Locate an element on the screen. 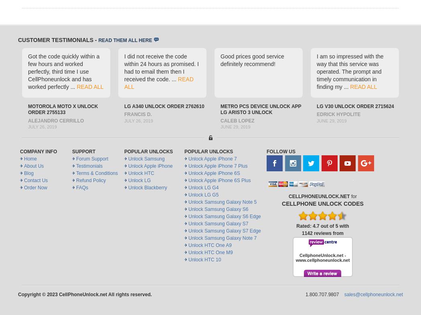 The image size is (421, 315). 'Unlock Blackberry' is located at coordinates (147, 187).